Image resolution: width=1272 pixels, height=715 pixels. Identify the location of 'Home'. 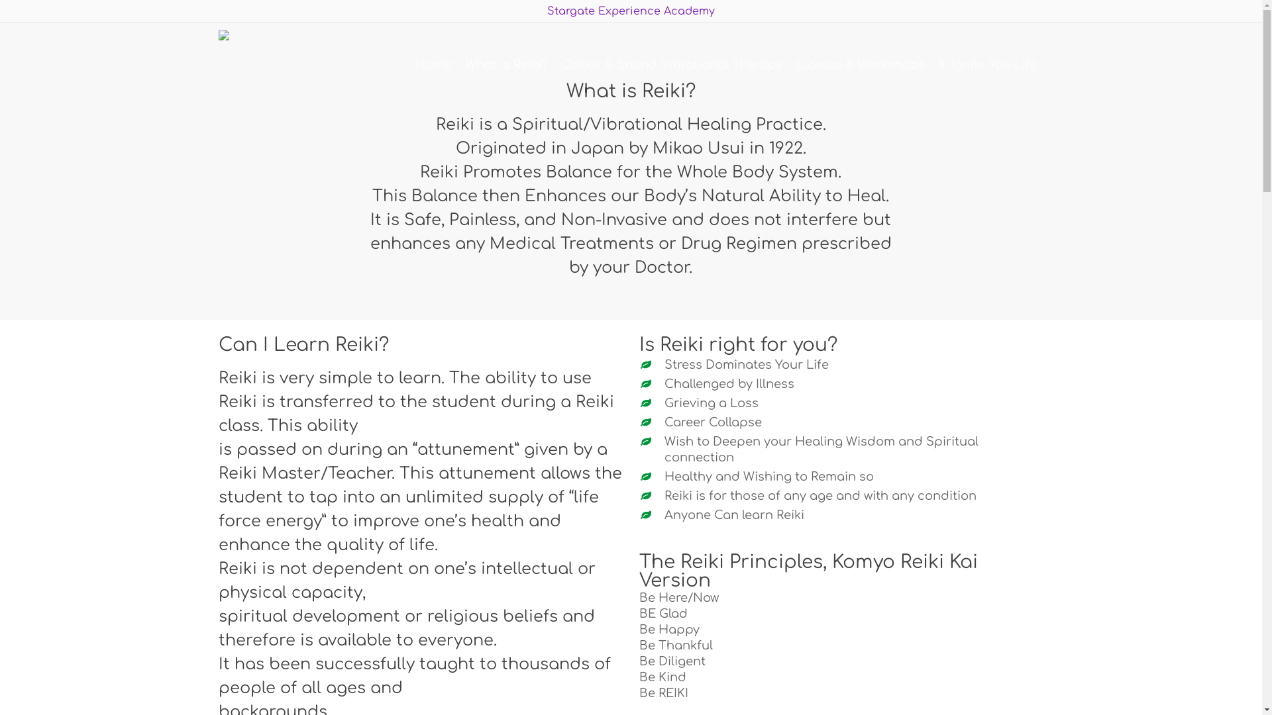
(433, 64).